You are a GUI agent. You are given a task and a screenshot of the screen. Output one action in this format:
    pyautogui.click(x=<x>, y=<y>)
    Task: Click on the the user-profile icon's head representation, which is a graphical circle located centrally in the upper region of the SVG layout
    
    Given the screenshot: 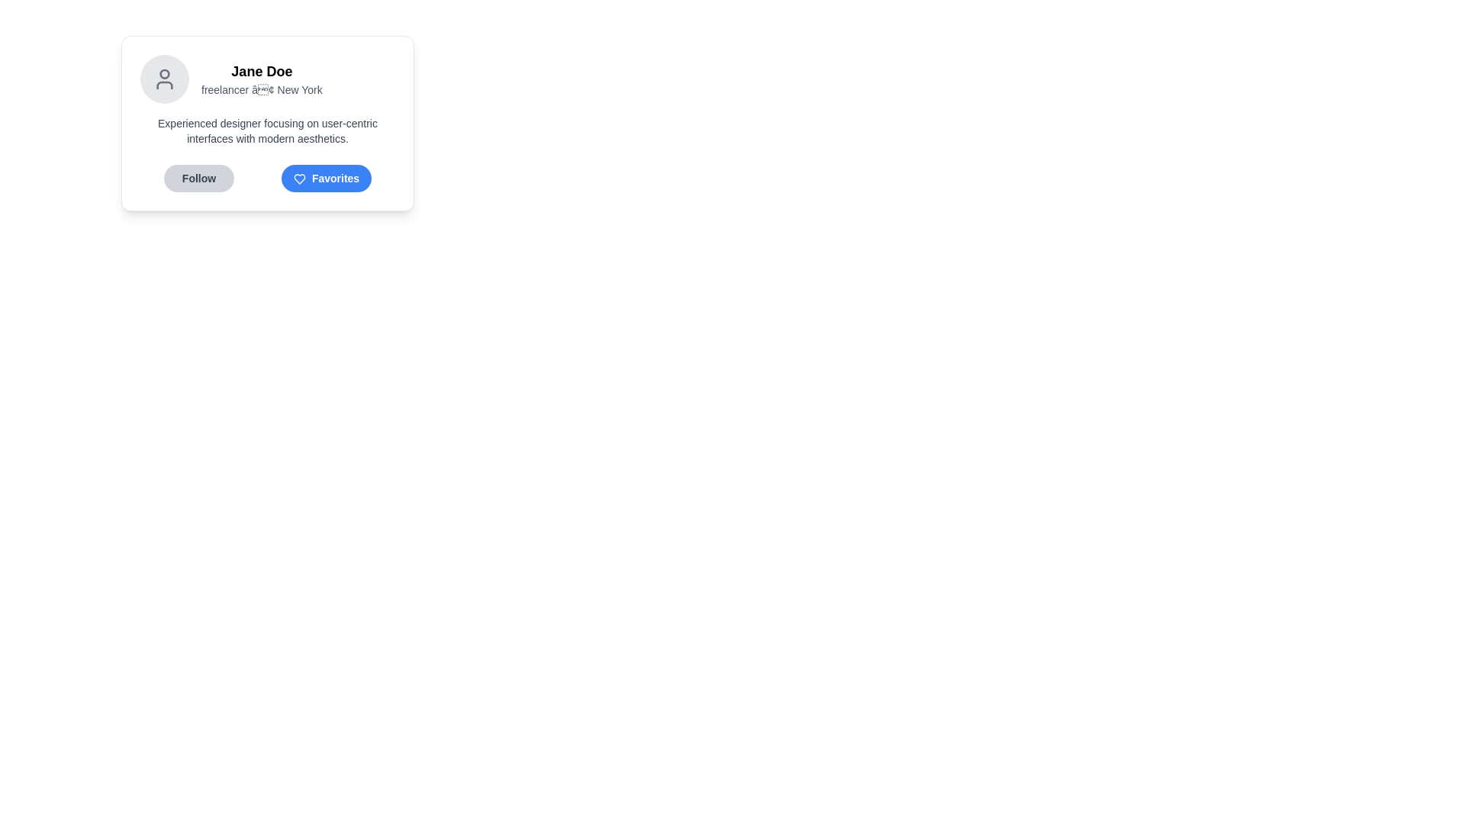 What is the action you would take?
    pyautogui.click(x=165, y=73)
    